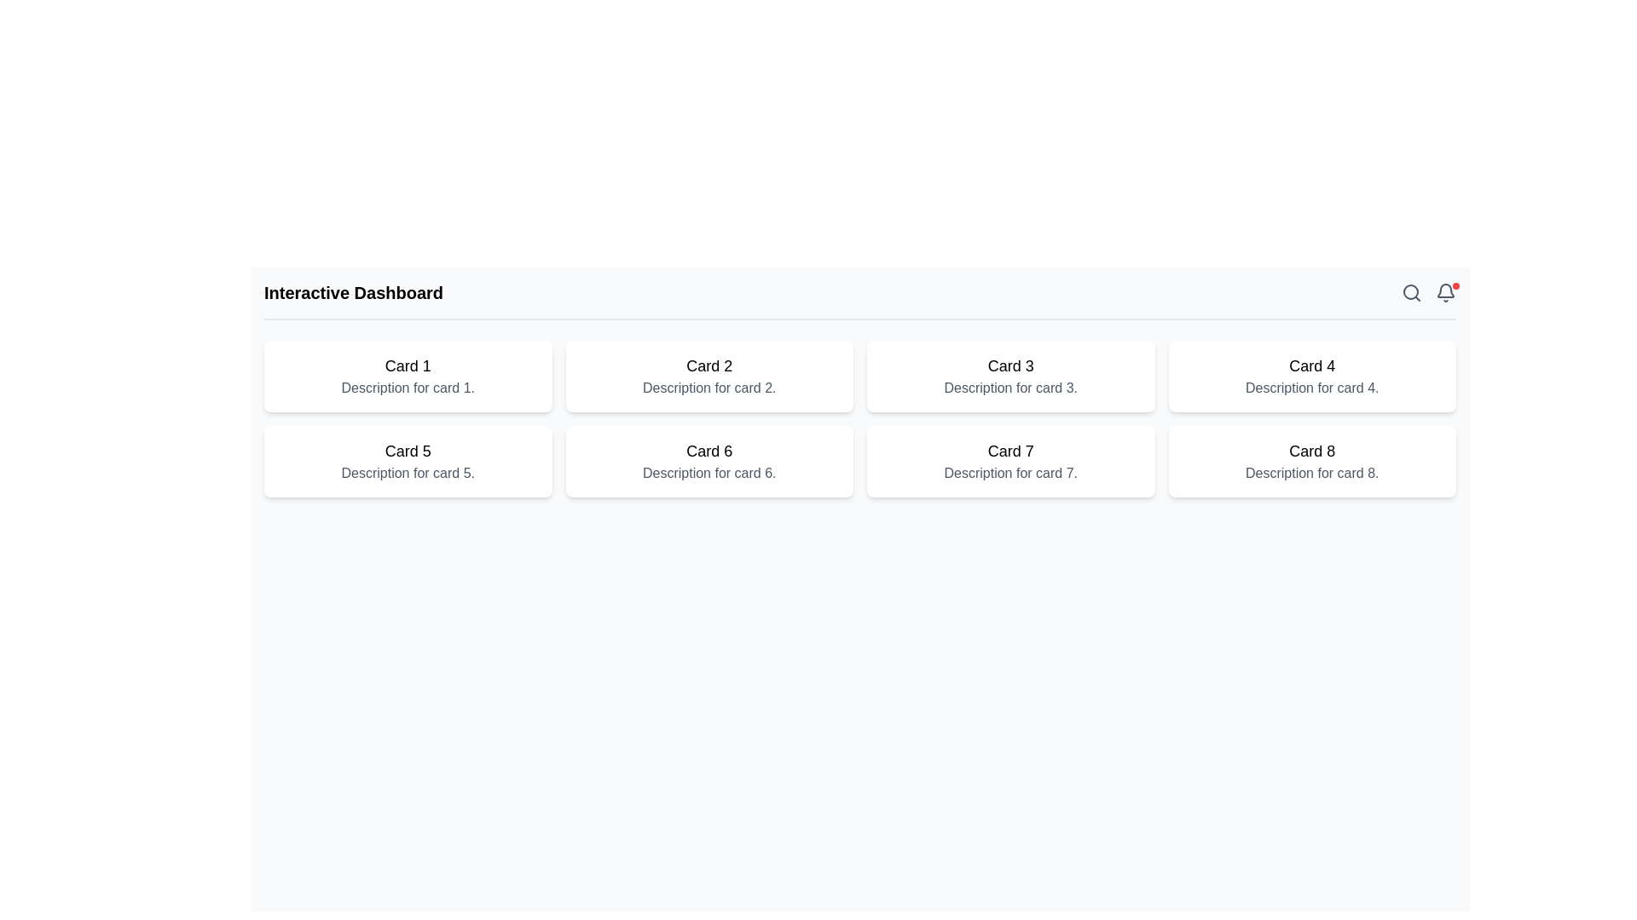 The width and height of the screenshot is (1637, 920). I want to click on the header text label of 'Card 7', which is the second card in the second row of the grid layout, located between 'Card 6' and 'Card 8', so click(1010, 450).